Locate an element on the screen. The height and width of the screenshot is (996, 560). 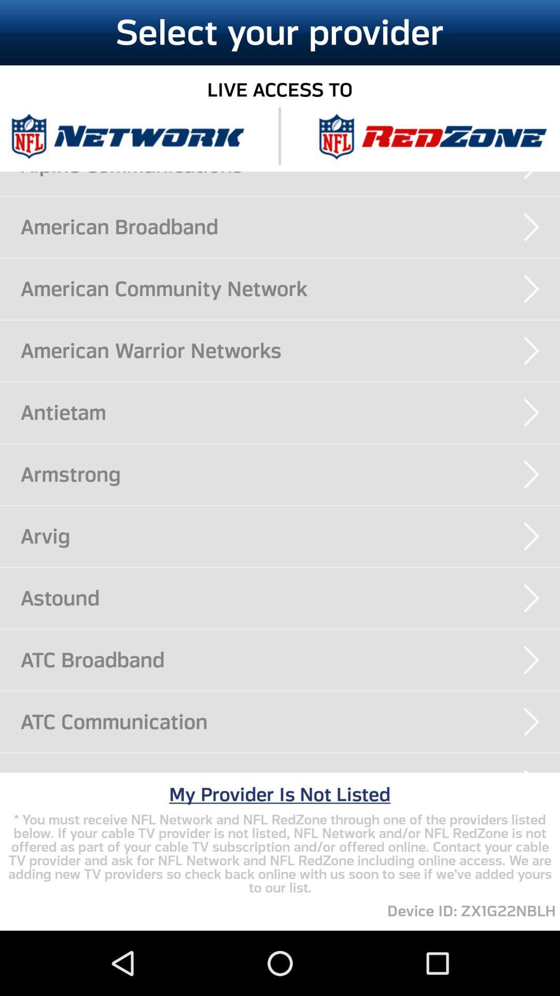
atc broadband app is located at coordinates (290, 659).